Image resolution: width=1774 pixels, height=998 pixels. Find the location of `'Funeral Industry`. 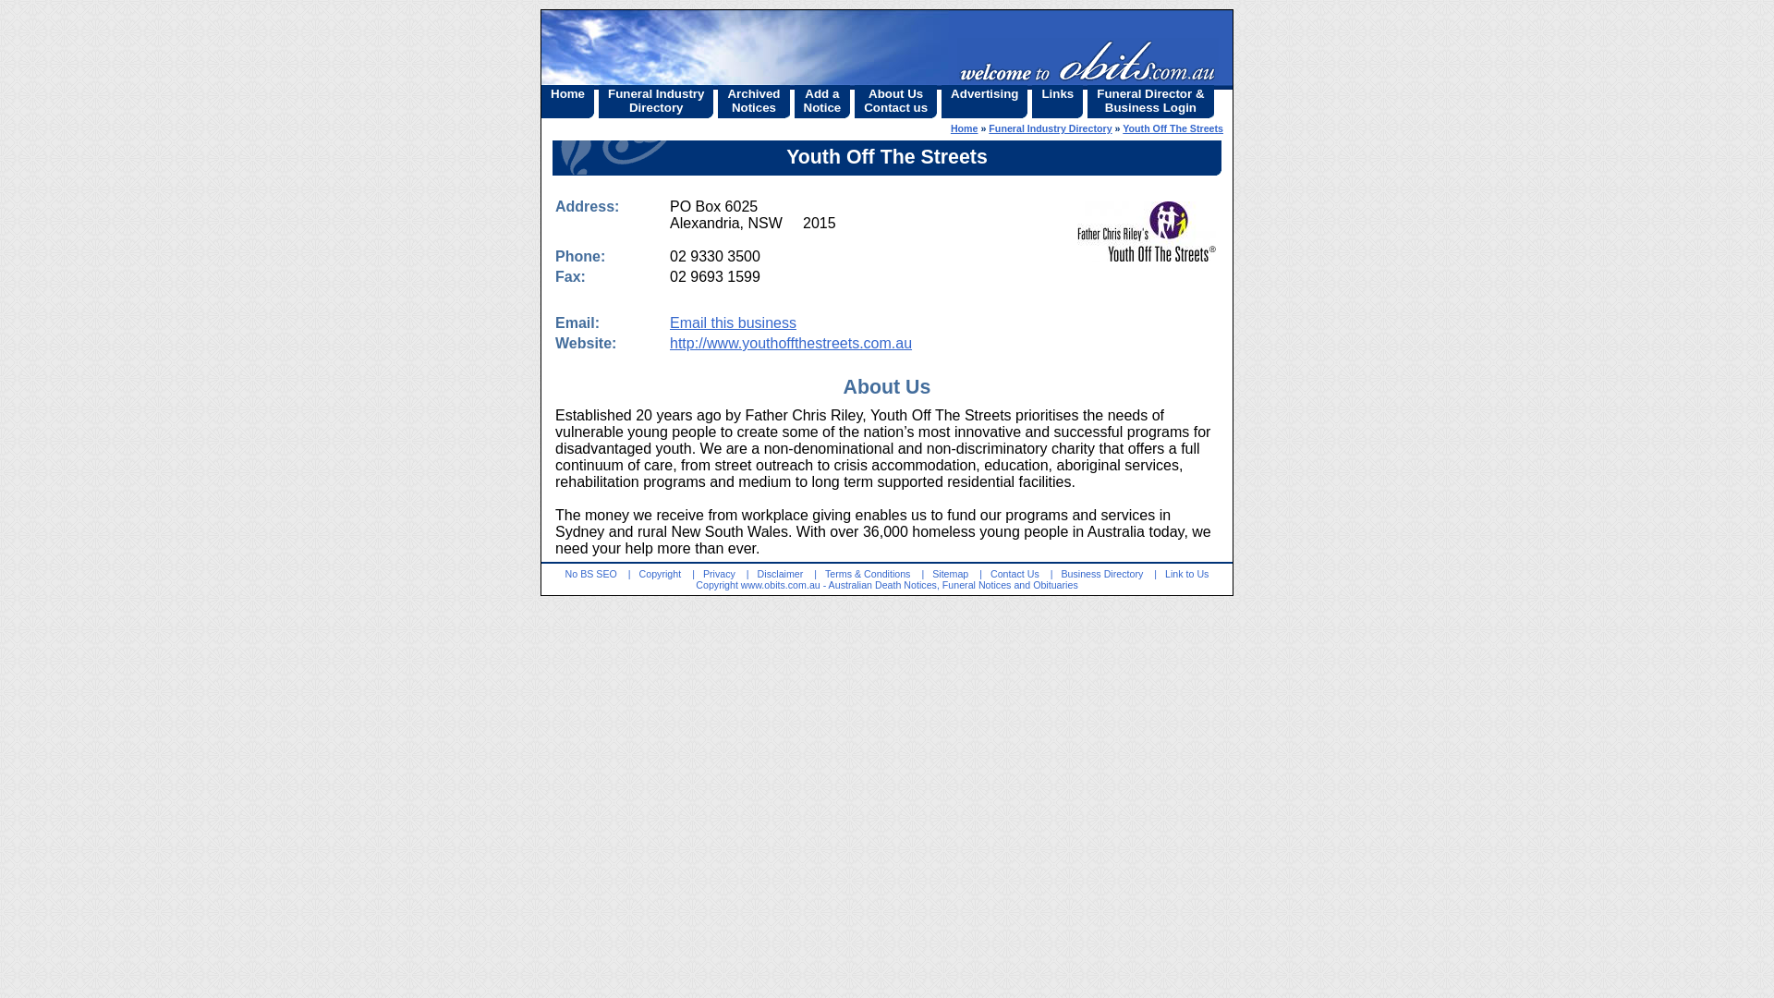

'Funeral Industry is located at coordinates (599, 102).